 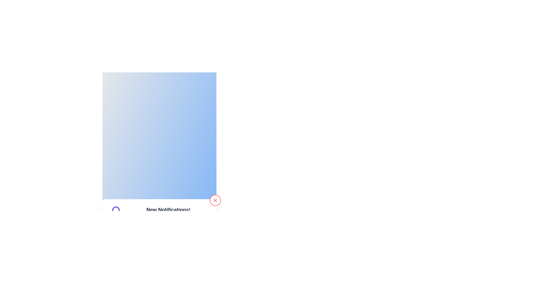 What do you see at coordinates (115, 211) in the screenshot?
I see `the main body of the notification bell icon, which indicates the presence of new or pending notifications` at bounding box center [115, 211].